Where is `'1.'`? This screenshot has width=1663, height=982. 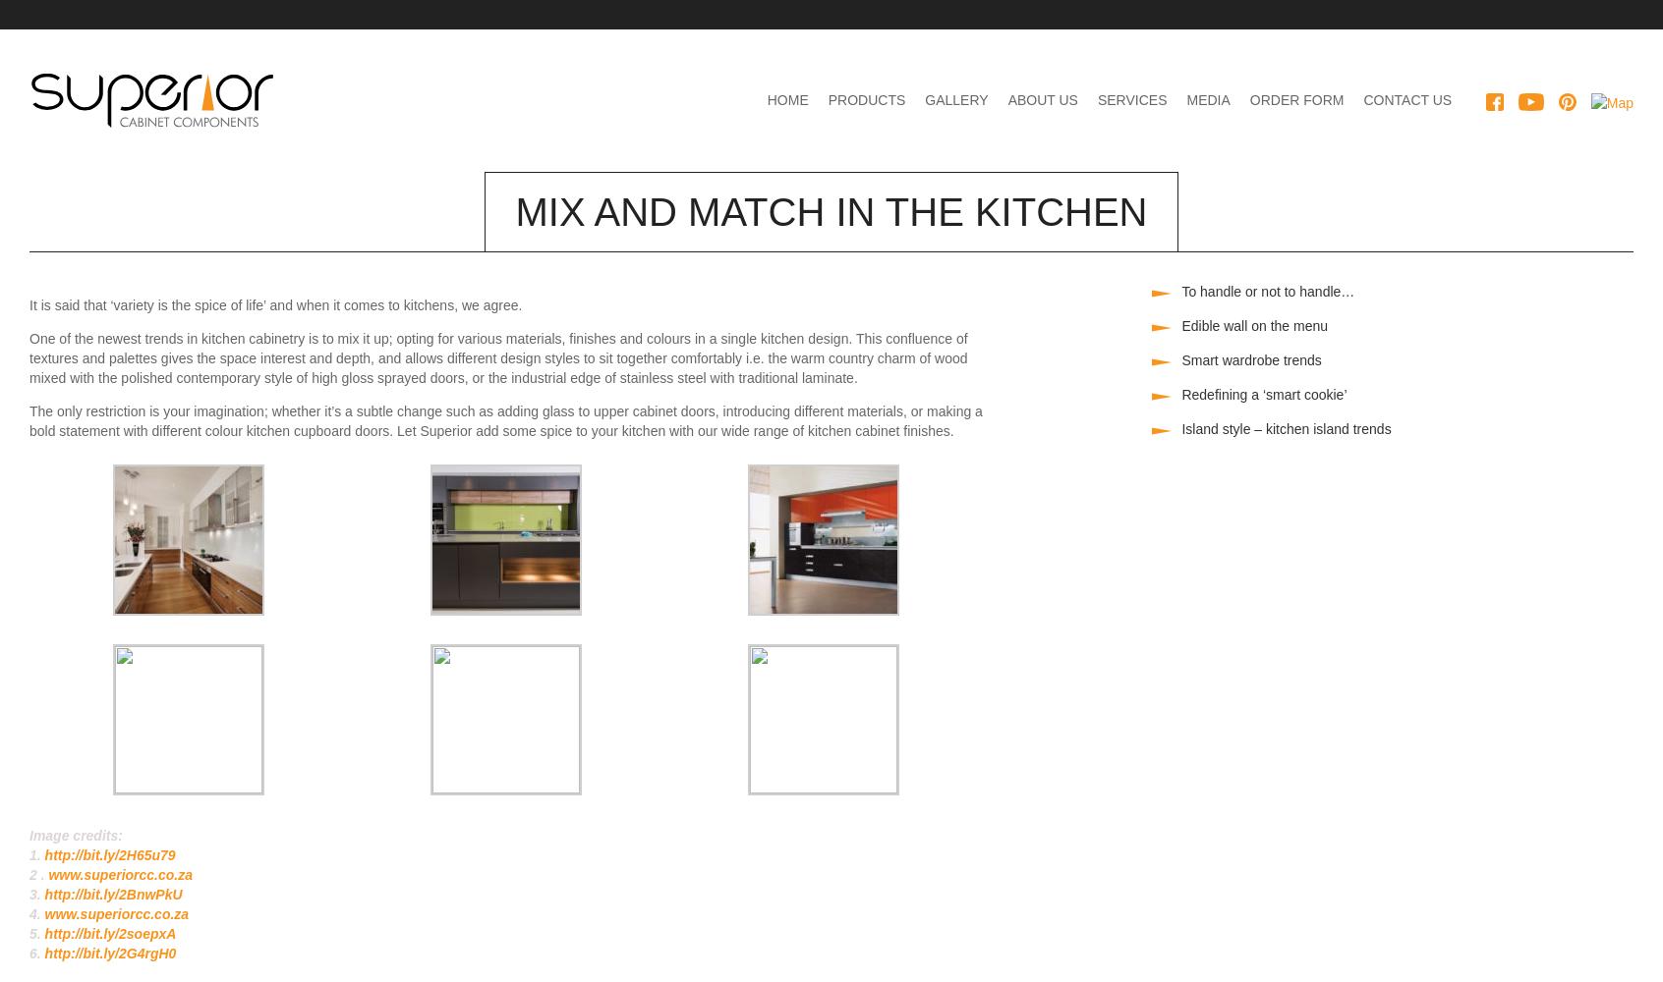 '1.' is located at coordinates (28, 854).